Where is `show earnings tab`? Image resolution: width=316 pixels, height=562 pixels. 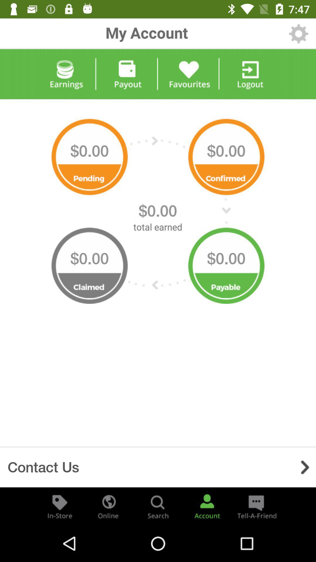
show earnings tab is located at coordinates (66, 74).